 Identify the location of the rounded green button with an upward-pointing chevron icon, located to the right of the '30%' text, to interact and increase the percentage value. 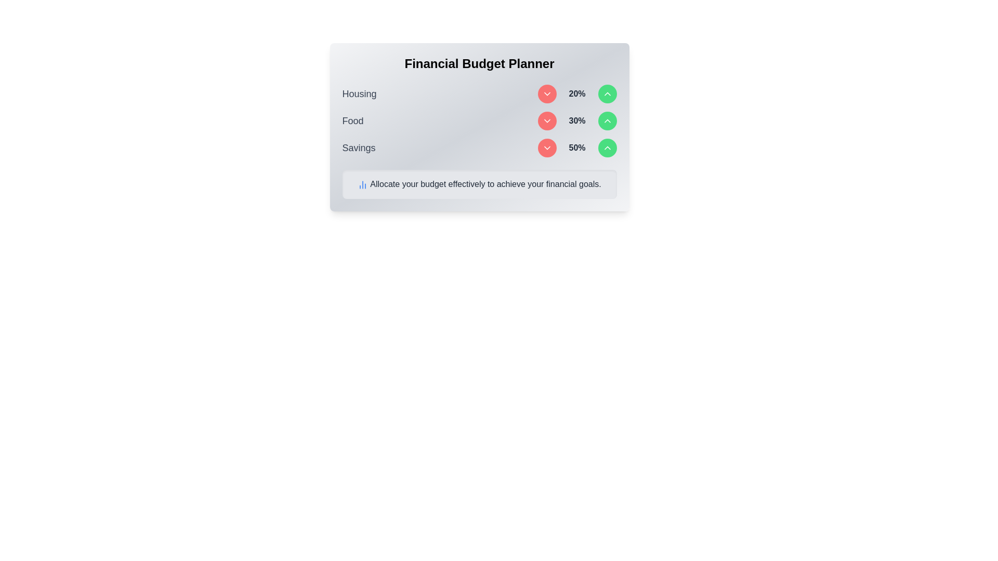
(607, 120).